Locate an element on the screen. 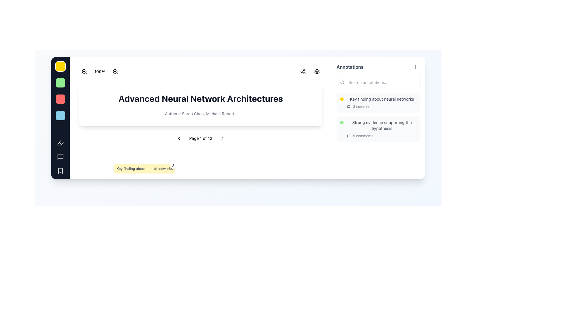 The width and height of the screenshot is (561, 316). the comment icon located to the left of the text '3 comments' under the 'Annotations' section on the right-hand panel is located at coordinates (349, 107).